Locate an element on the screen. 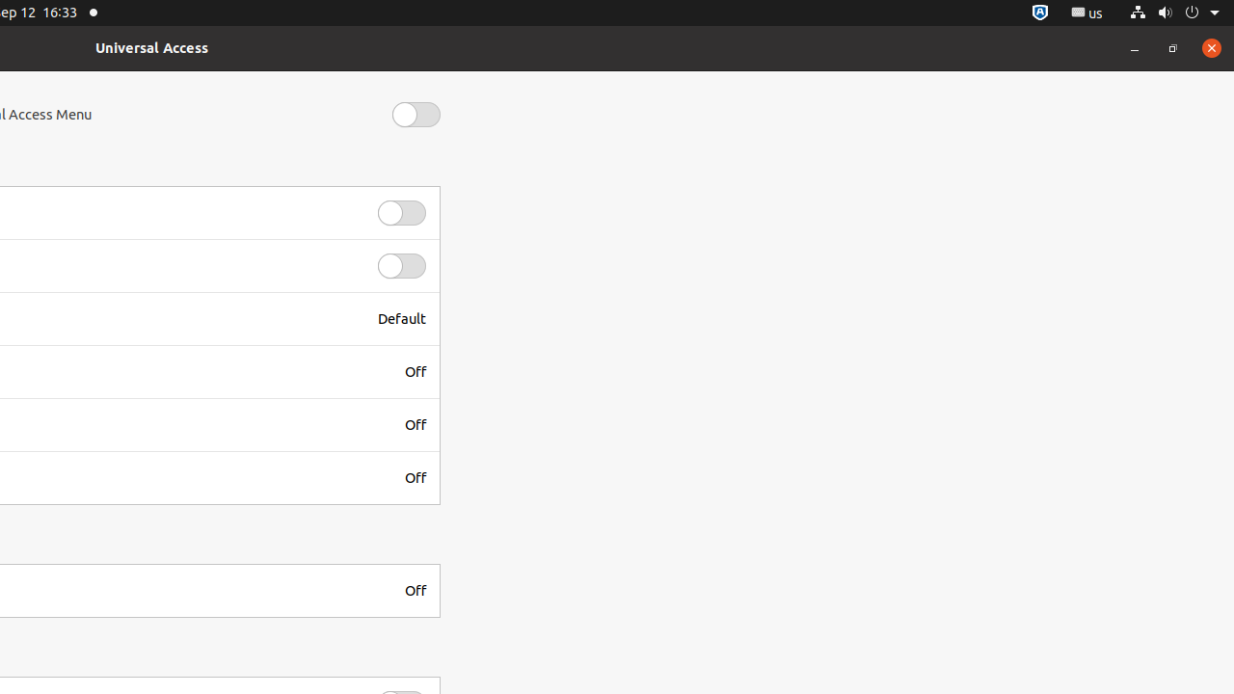 Image resolution: width=1234 pixels, height=694 pixels. 'Default' is located at coordinates (401, 317).